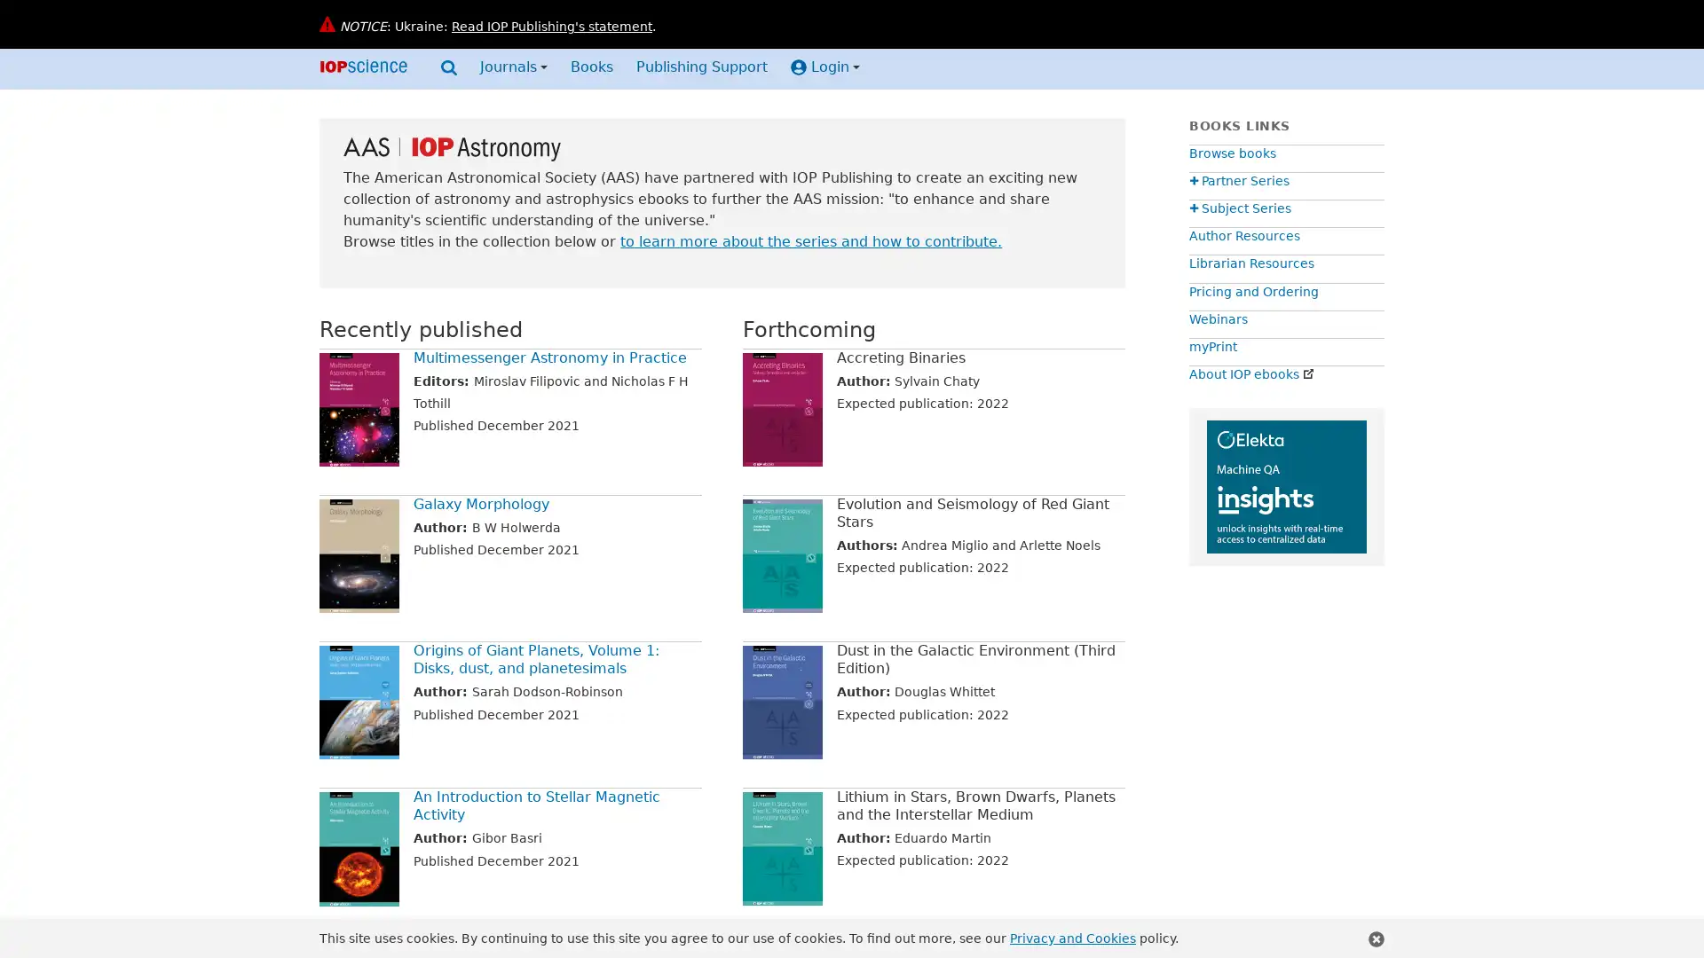  What do you see at coordinates (1238, 181) in the screenshot?
I see `Partner Series` at bounding box center [1238, 181].